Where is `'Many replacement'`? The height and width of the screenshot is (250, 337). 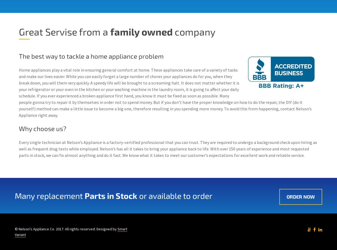
'Many replacement' is located at coordinates (50, 195).